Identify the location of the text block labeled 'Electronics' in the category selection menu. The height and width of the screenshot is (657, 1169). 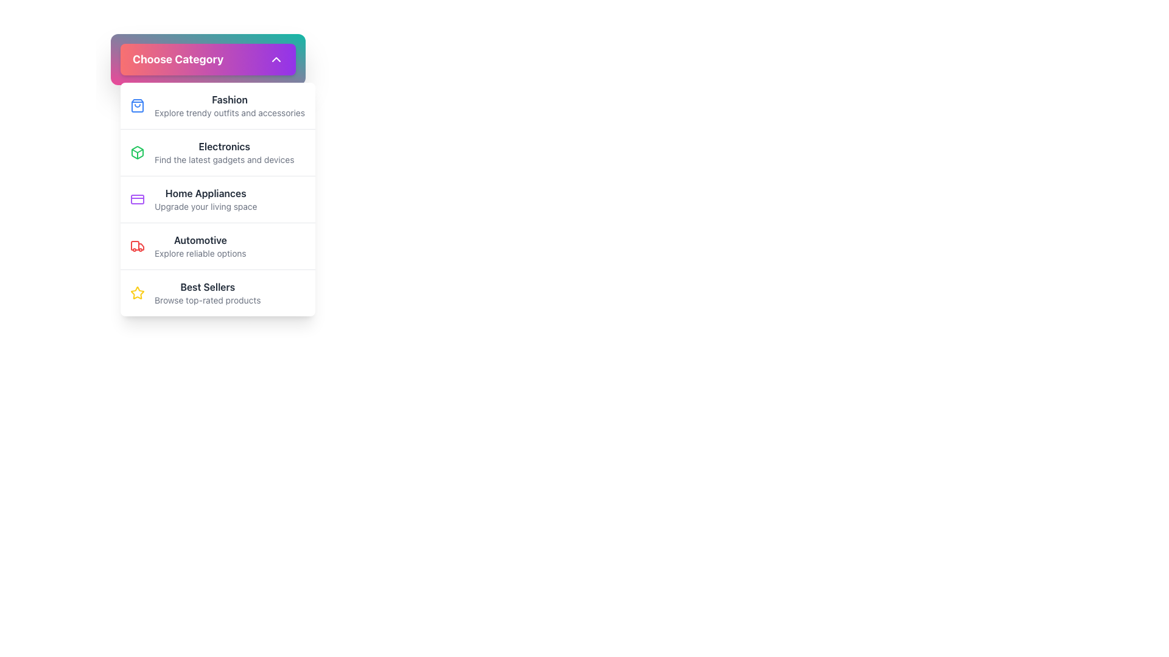
(224, 151).